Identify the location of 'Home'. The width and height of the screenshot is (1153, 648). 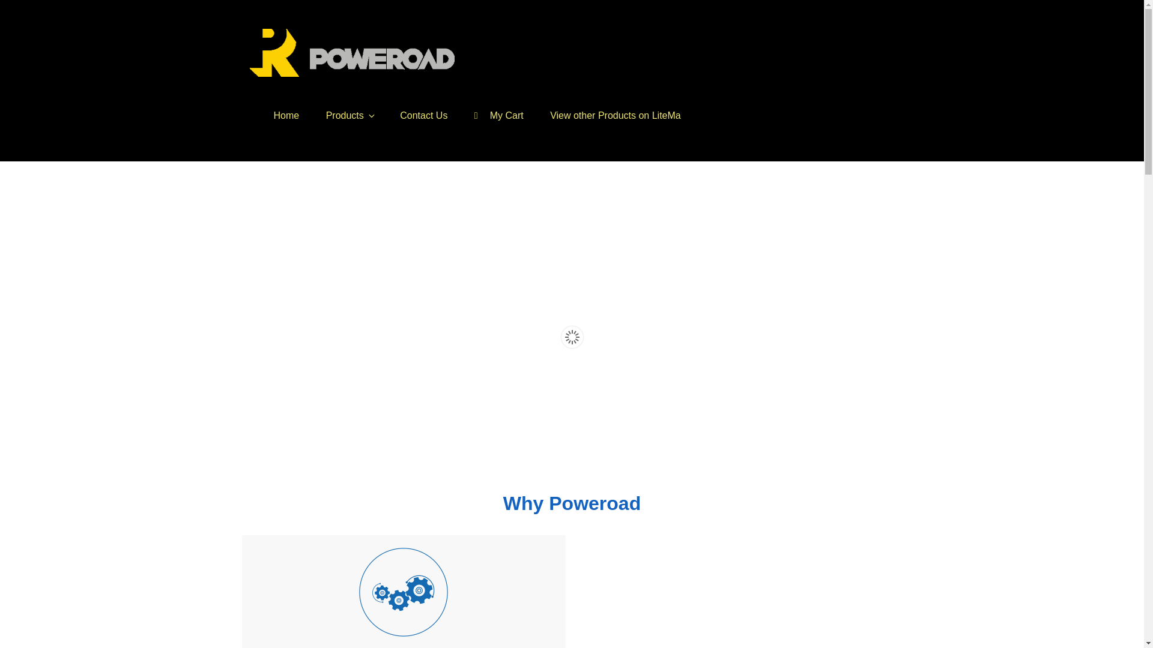
(286, 115).